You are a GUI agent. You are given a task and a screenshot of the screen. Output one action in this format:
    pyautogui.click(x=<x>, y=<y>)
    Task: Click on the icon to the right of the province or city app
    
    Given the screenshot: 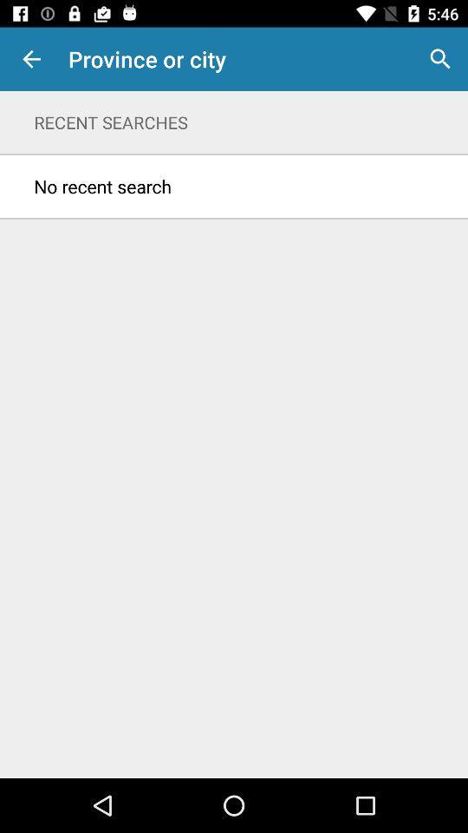 What is the action you would take?
    pyautogui.click(x=440, y=59)
    